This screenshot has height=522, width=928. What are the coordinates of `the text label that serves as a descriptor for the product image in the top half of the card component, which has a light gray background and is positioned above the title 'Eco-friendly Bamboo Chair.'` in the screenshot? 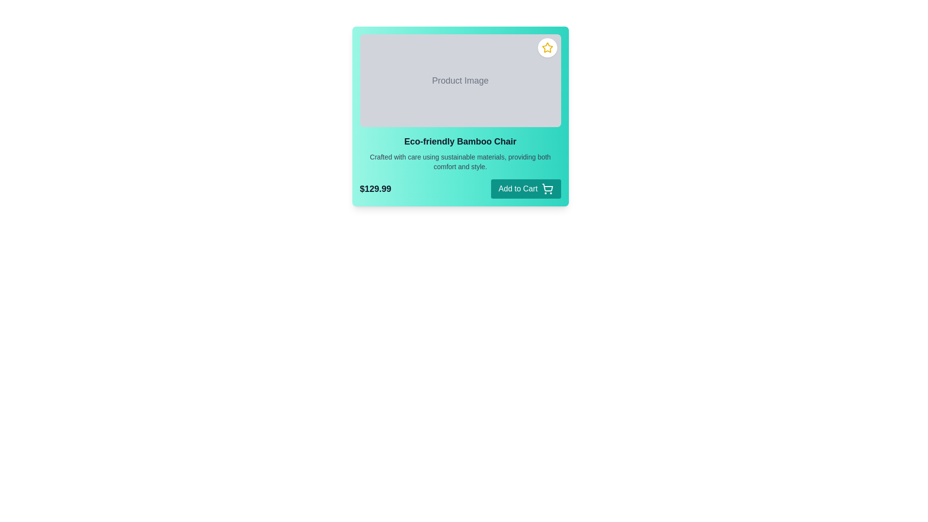 It's located at (460, 80).